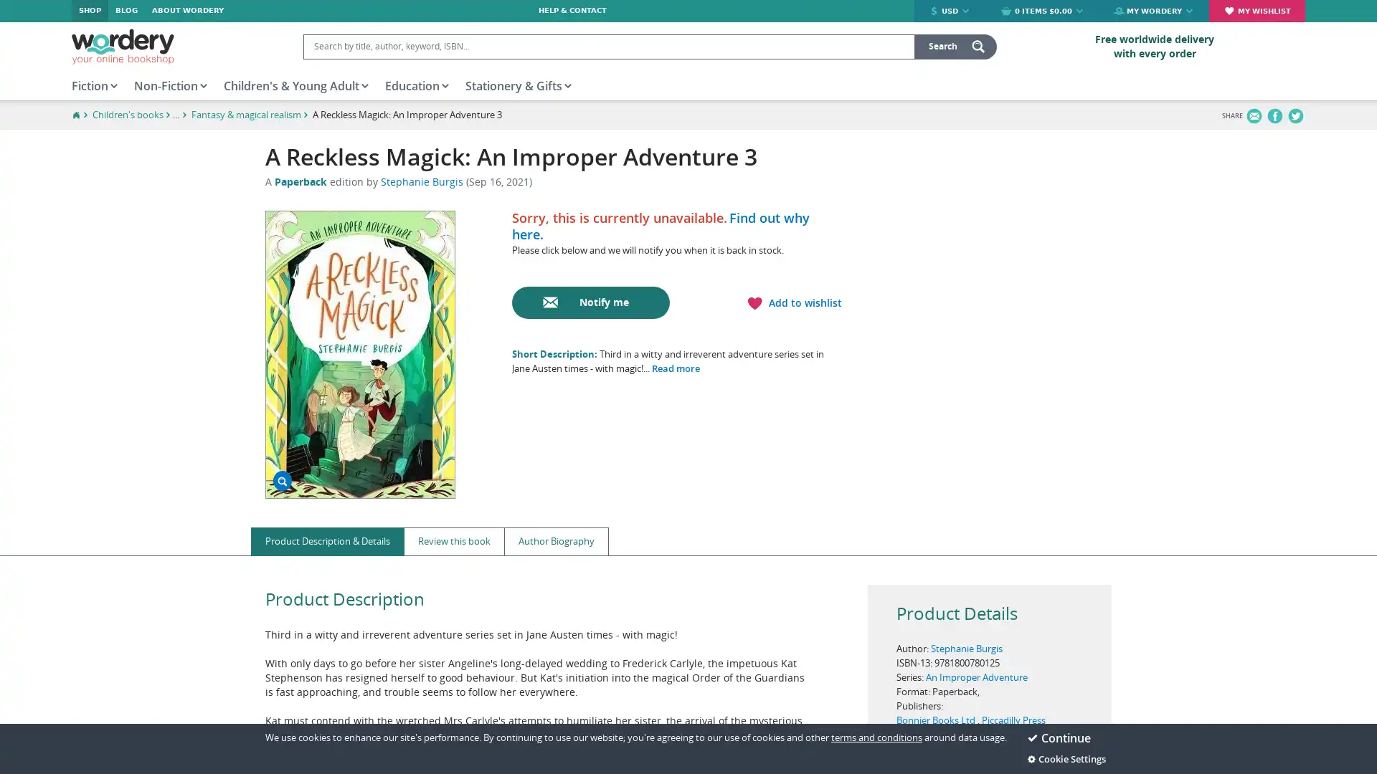 The width and height of the screenshot is (1377, 774). I want to click on search, so click(955, 45).